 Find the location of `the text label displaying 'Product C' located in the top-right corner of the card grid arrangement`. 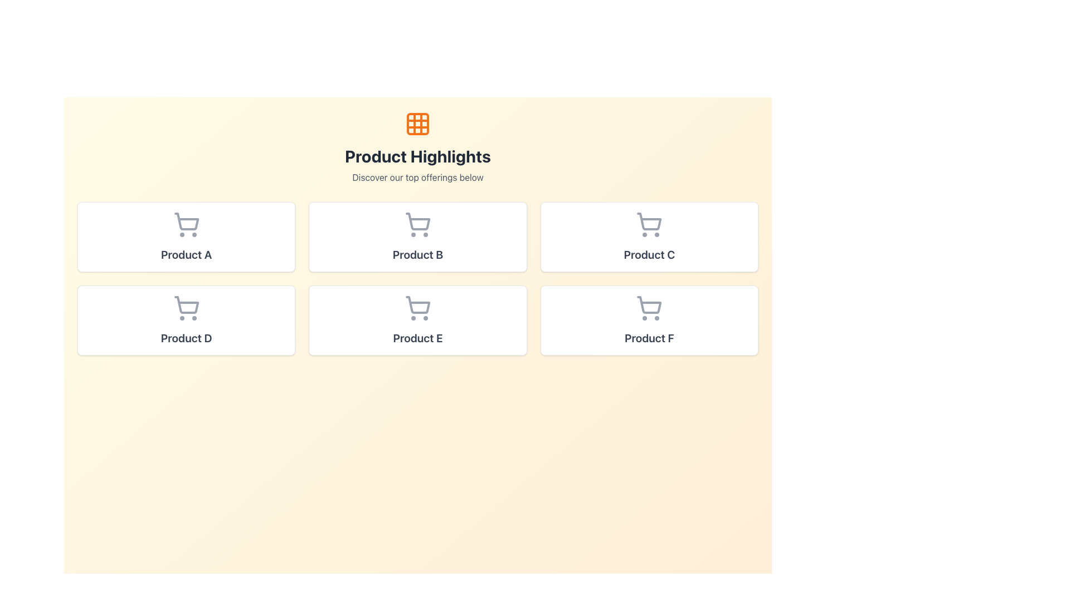

the text label displaying 'Product C' located in the top-right corner of the card grid arrangement is located at coordinates (649, 255).